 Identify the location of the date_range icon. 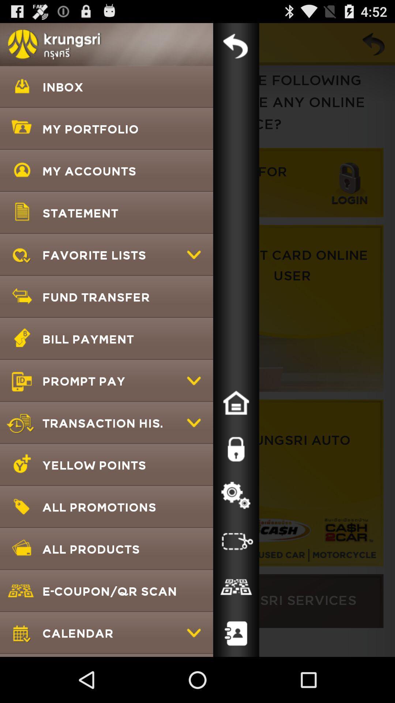
(236, 628).